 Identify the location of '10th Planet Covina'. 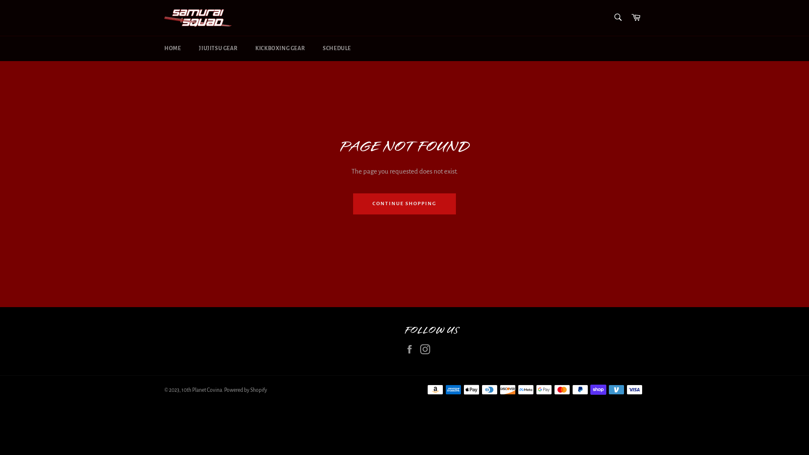
(201, 390).